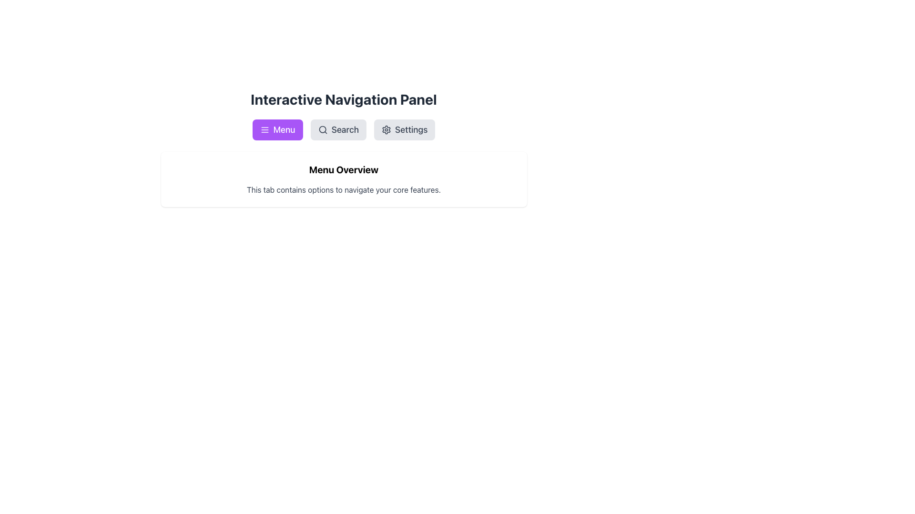  What do you see at coordinates (264, 130) in the screenshot?
I see `the menu icon, which consists of three horizontal lines styled with a thin stroke and rounded corners, located to the left of the 'Menu' label text` at bounding box center [264, 130].